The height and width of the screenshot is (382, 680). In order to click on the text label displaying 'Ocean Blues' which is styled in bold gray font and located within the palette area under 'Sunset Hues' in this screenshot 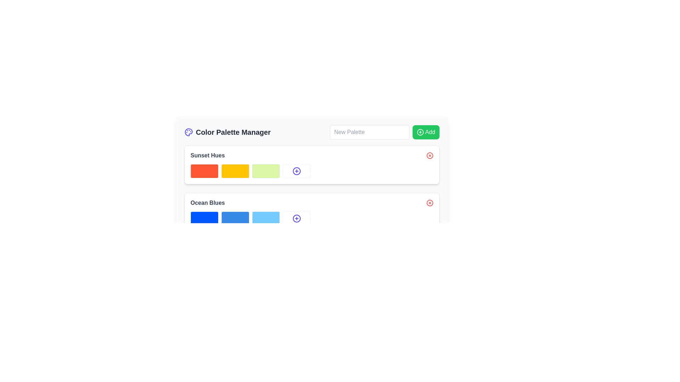, I will do `click(207, 203)`.